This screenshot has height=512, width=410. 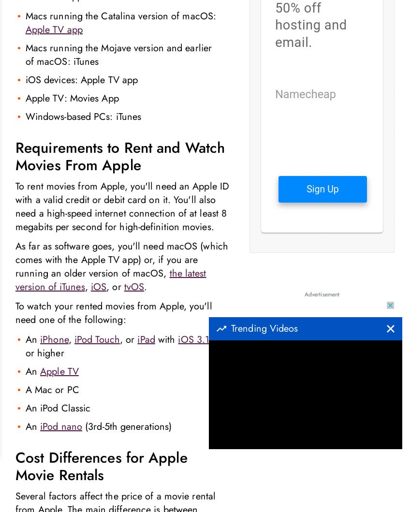 What do you see at coordinates (83, 117) in the screenshot?
I see `'Windows-based PCs: iTunes'` at bounding box center [83, 117].